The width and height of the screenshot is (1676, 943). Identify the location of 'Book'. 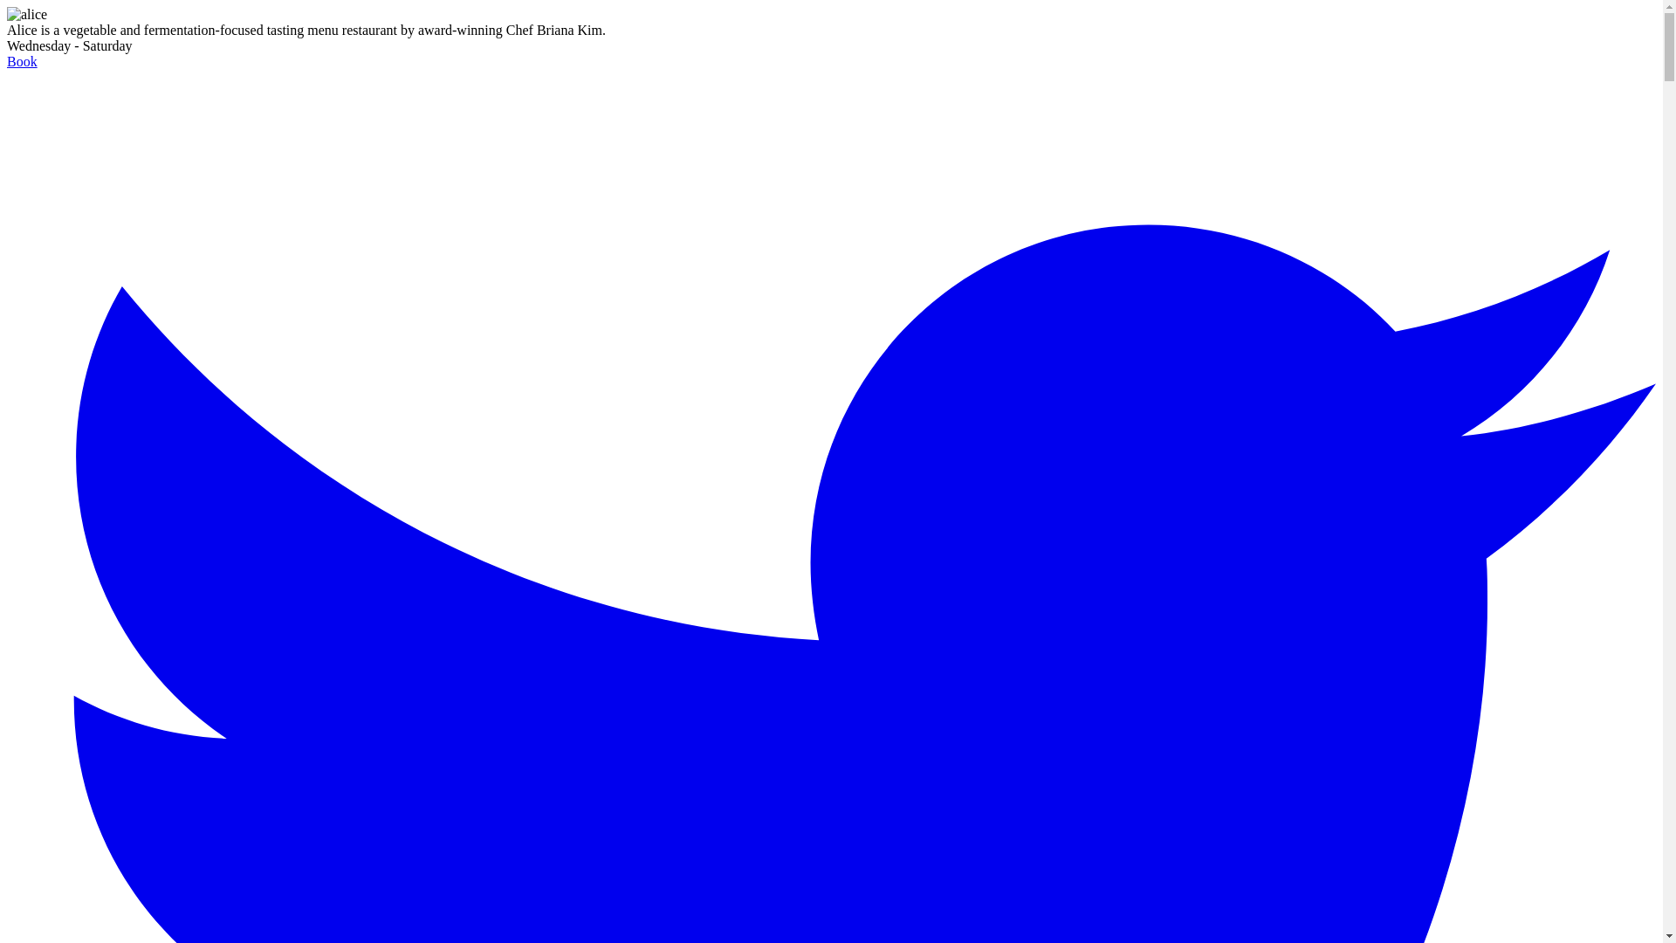
(22, 60).